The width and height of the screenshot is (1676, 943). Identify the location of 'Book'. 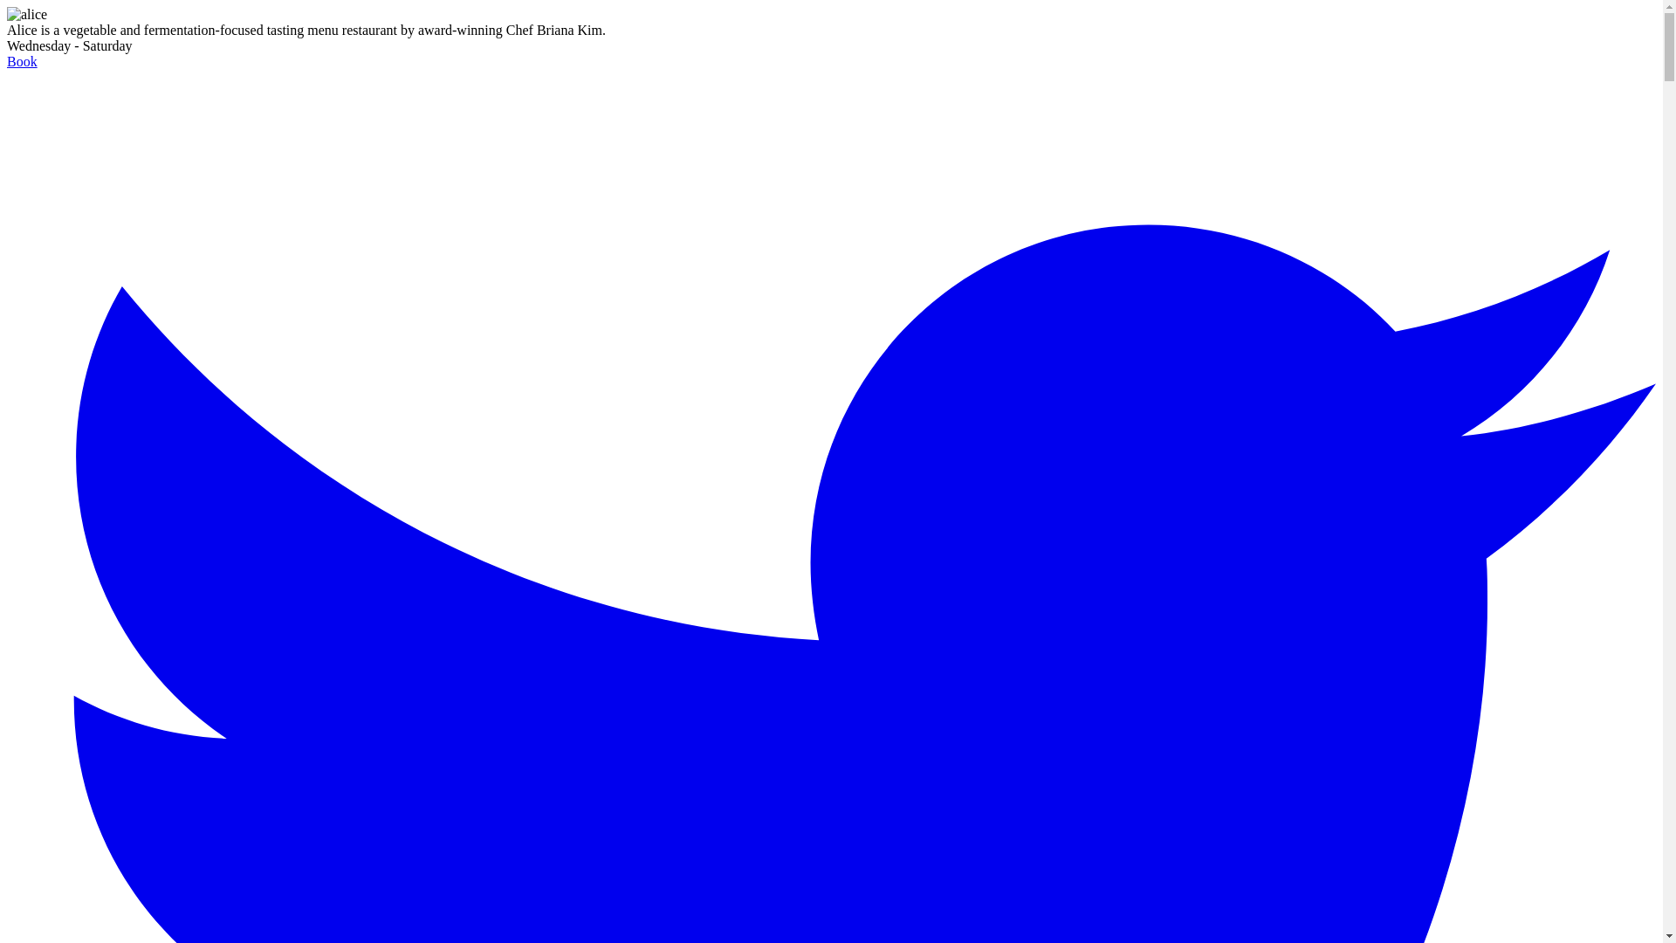
(22, 60).